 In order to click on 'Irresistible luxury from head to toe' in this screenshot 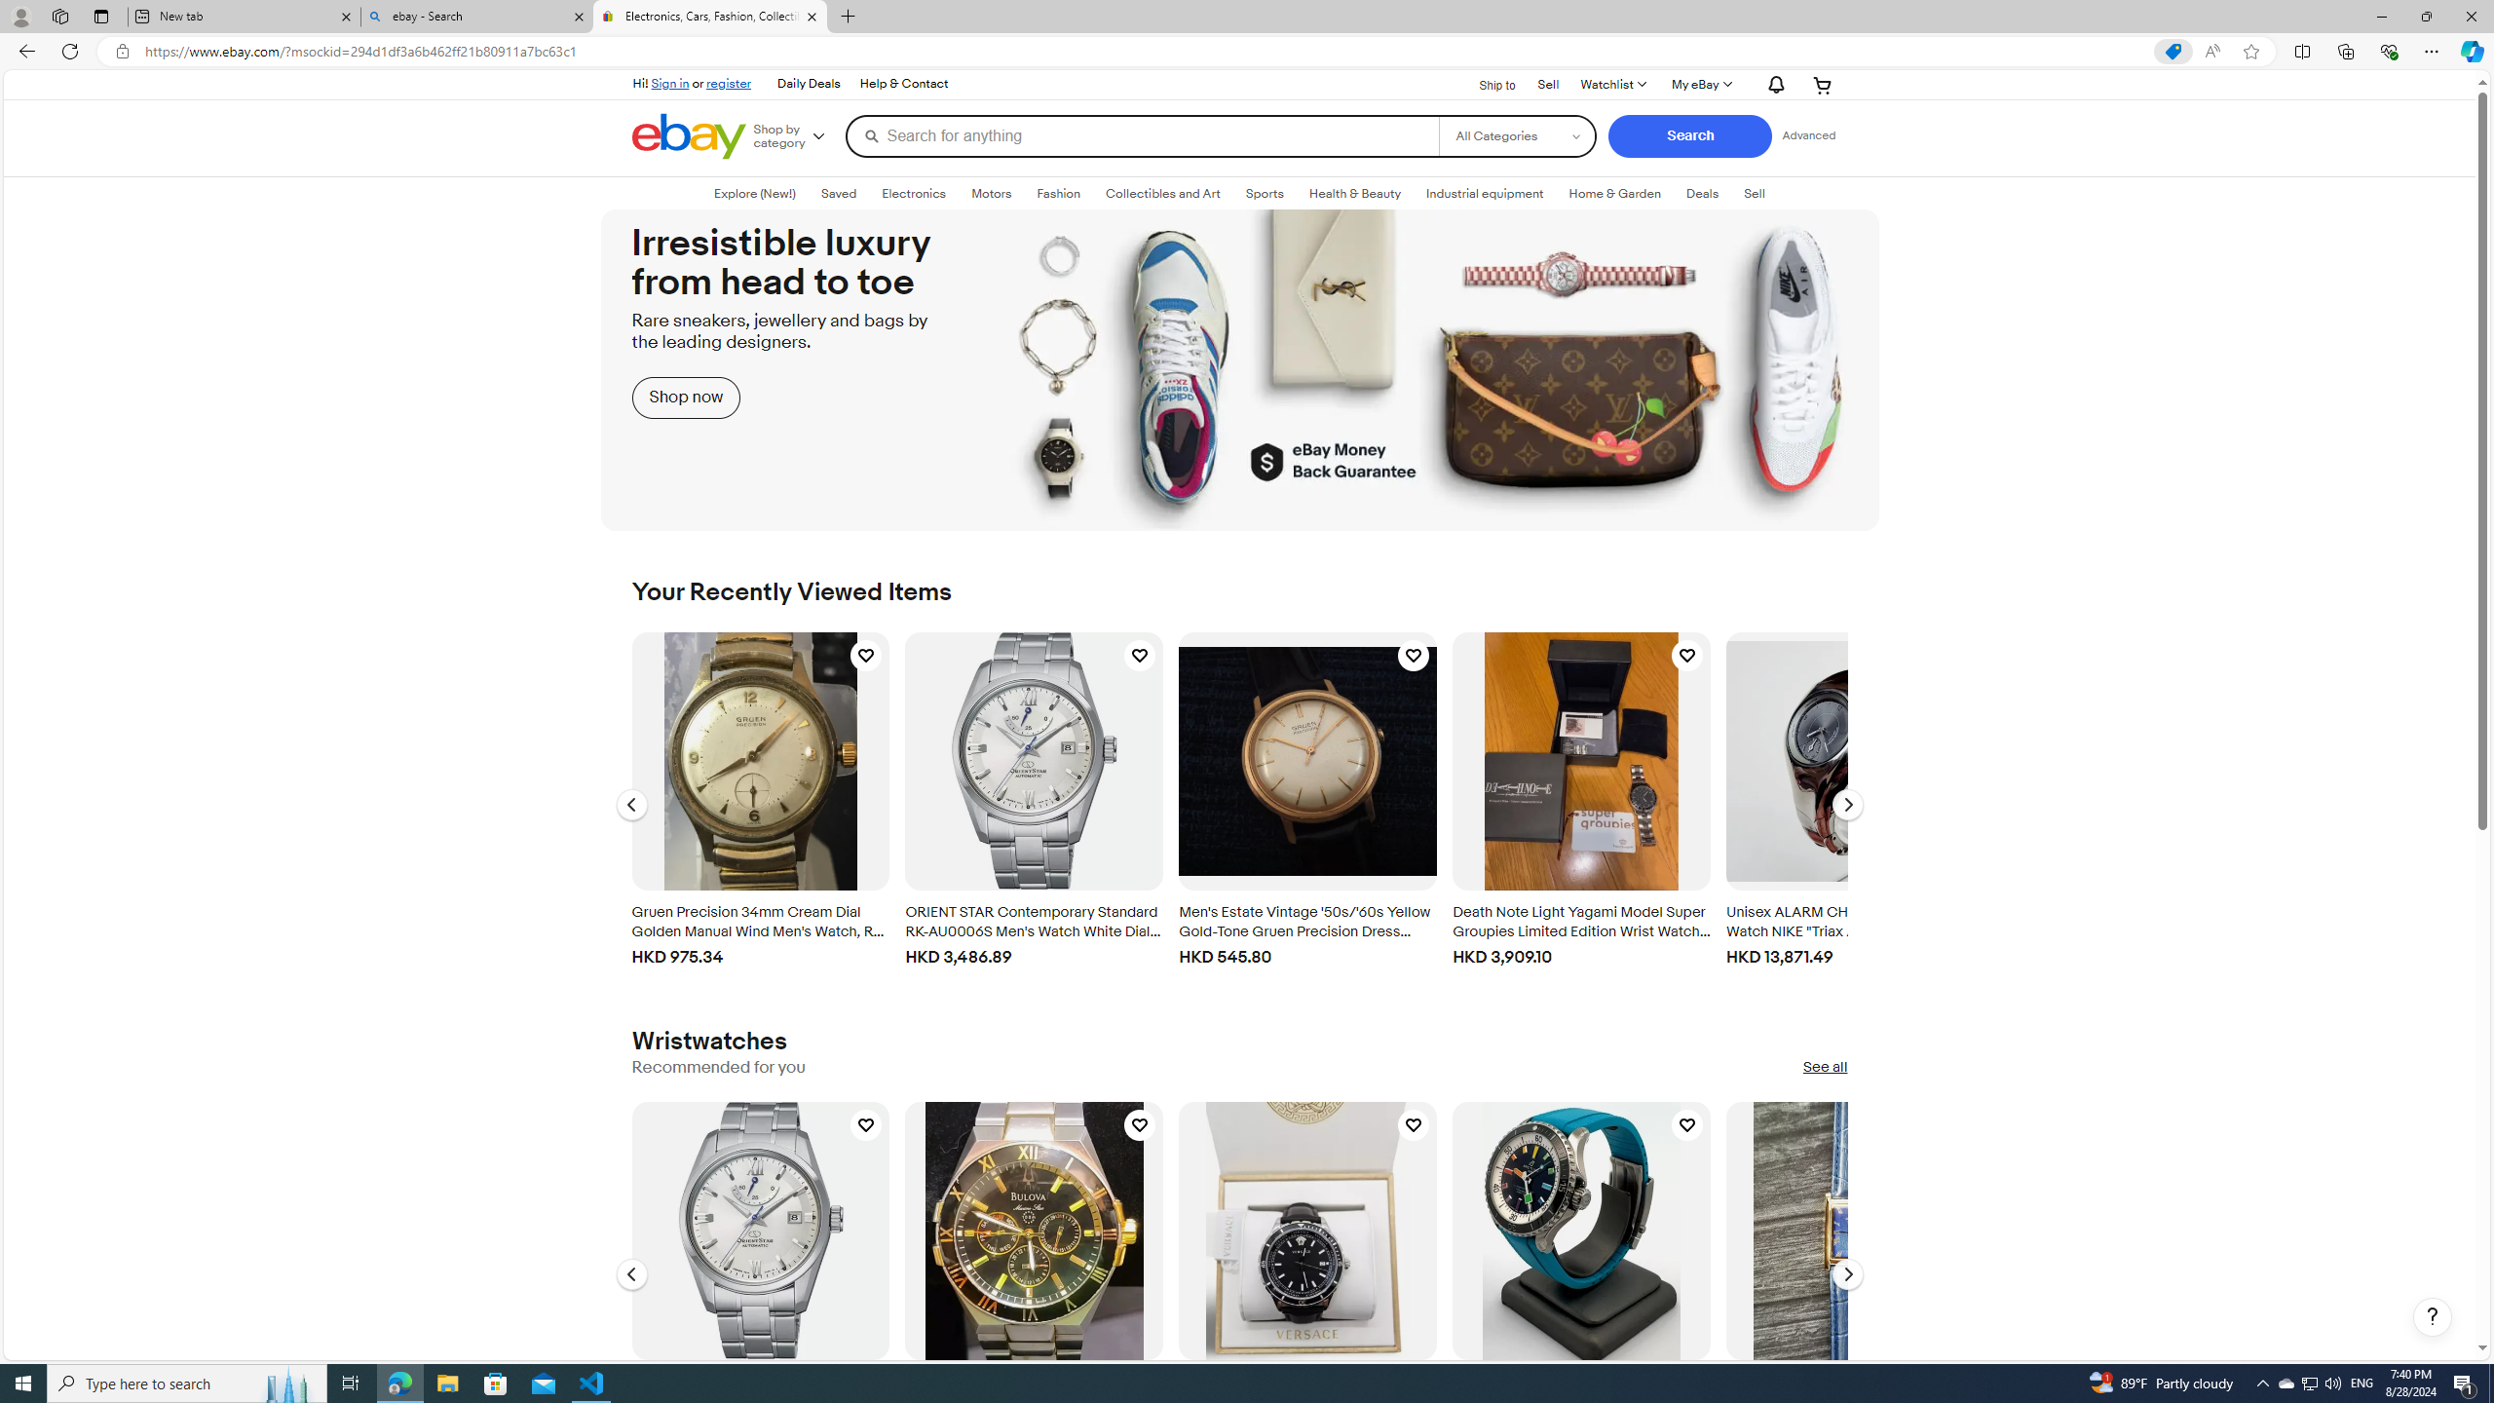, I will do `click(1239, 369)`.